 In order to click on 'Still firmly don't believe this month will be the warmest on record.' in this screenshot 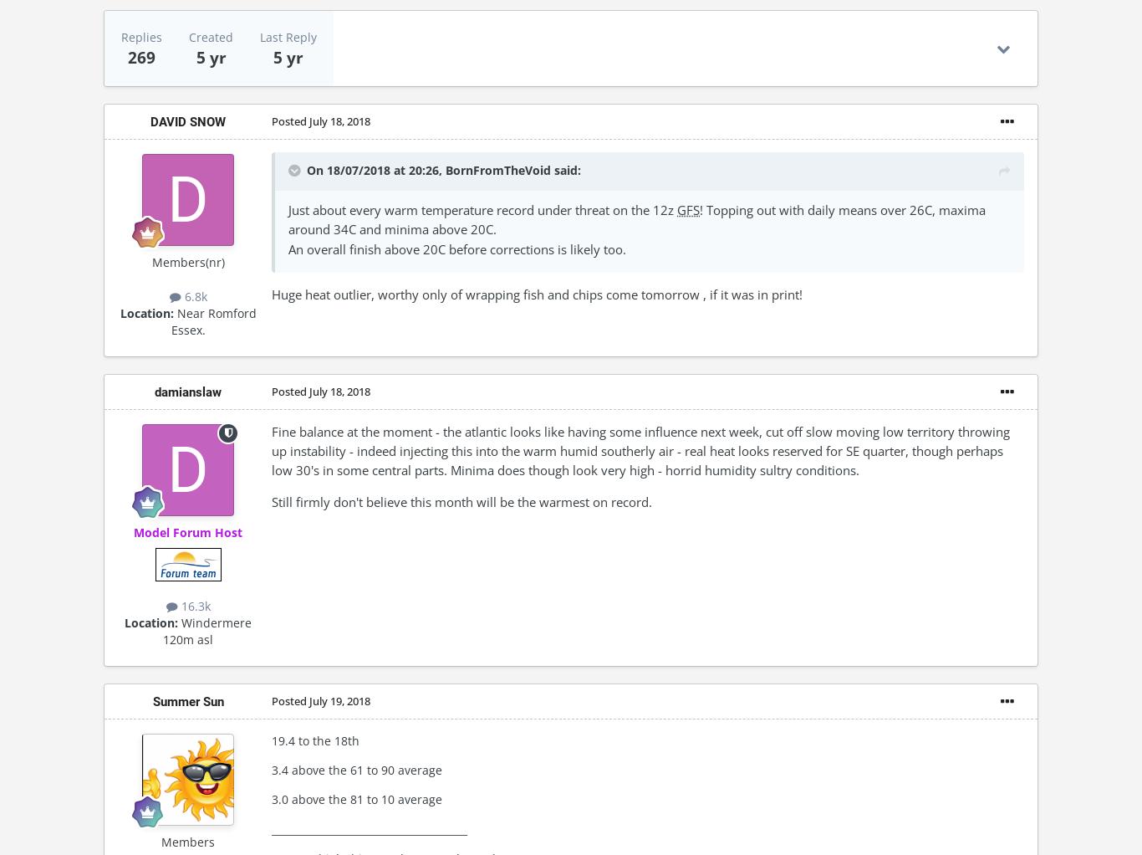, I will do `click(461, 501)`.